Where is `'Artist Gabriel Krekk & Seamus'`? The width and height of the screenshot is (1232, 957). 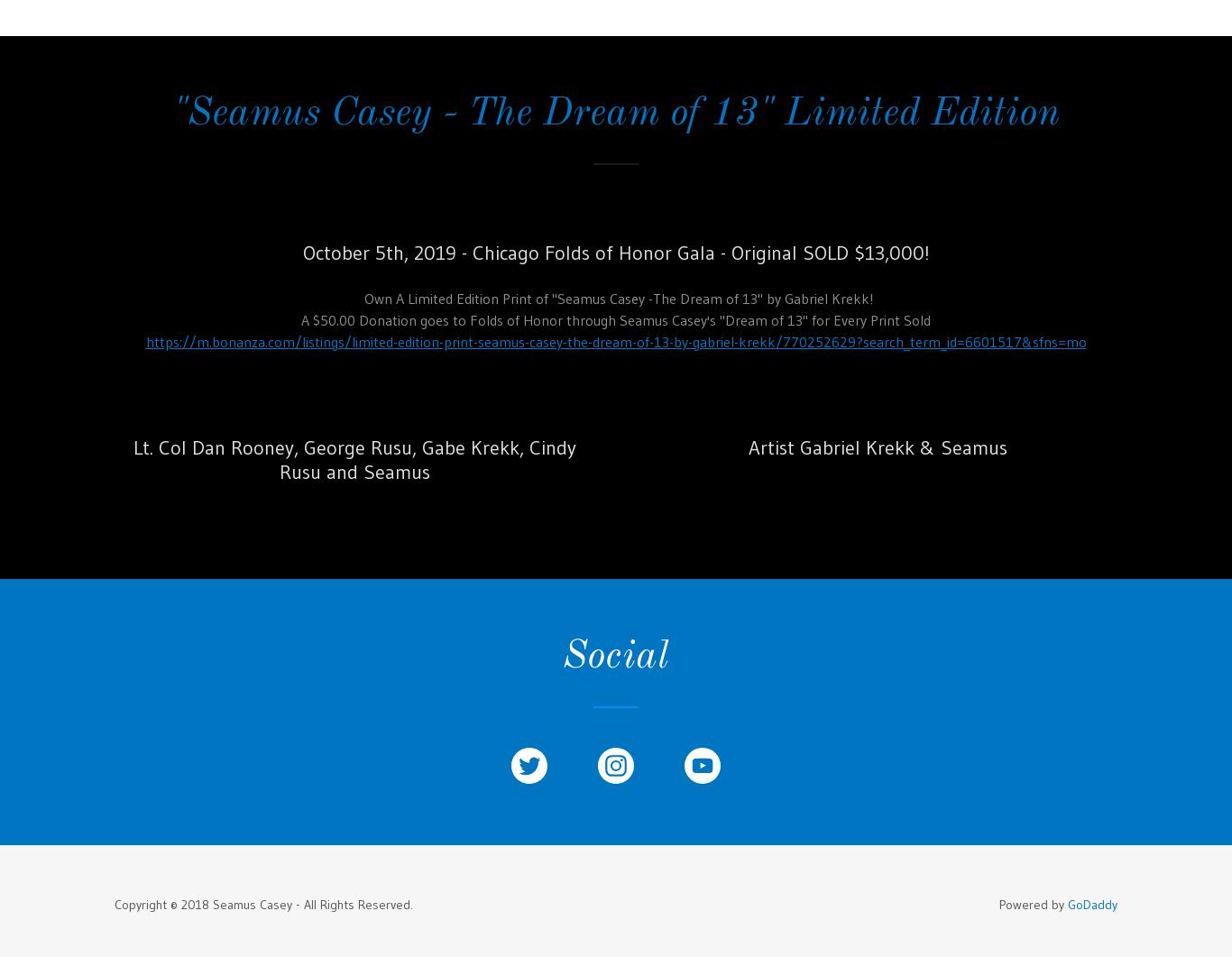
'Artist Gabriel Krekk & Seamus' is located at coordinates (877, 446).